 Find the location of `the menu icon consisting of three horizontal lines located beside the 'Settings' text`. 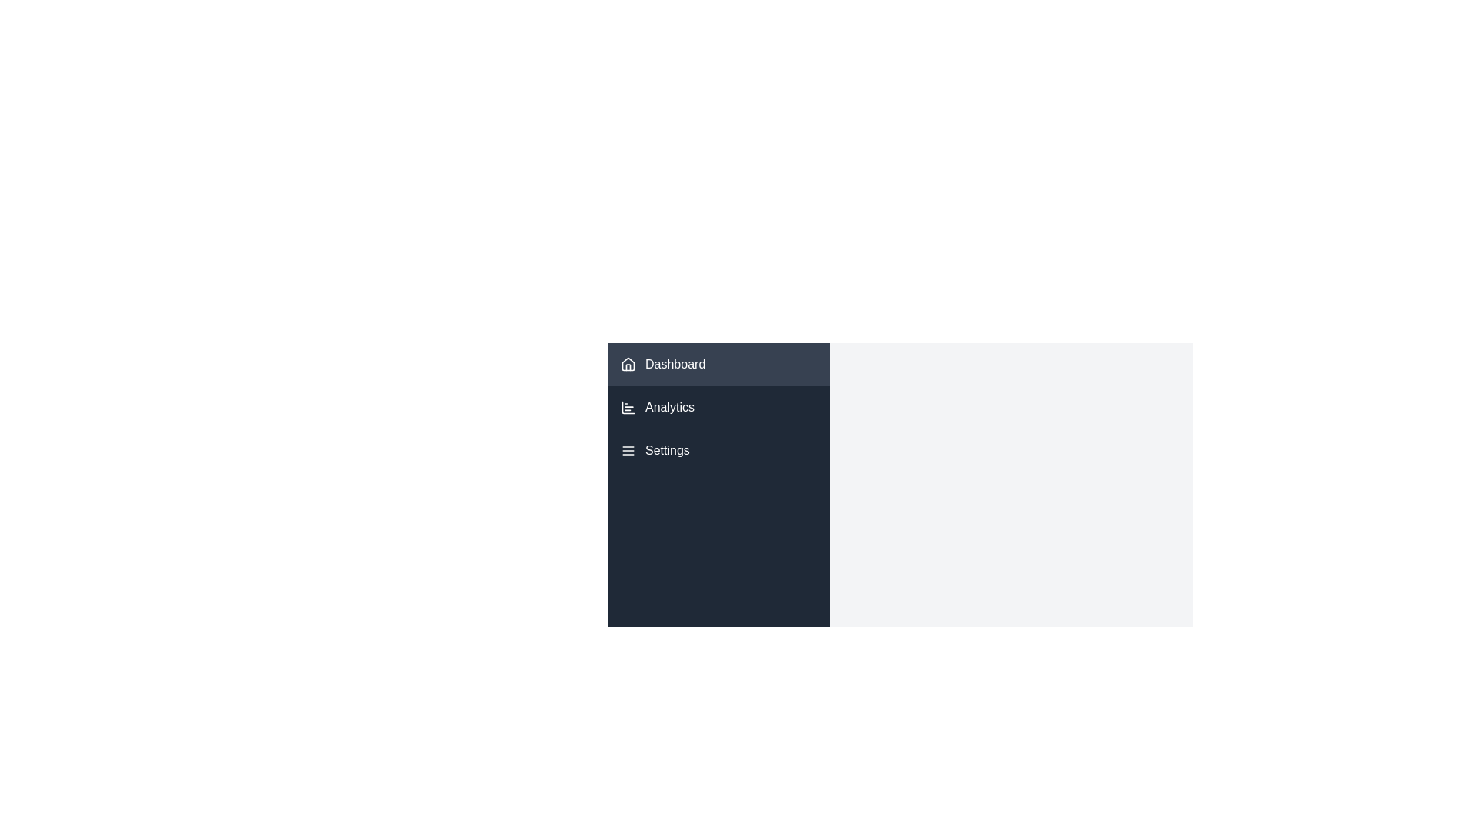

the menu icon consisting of three horizontal lines located beside the 'Settings' text is located at coordinates (628, 450).